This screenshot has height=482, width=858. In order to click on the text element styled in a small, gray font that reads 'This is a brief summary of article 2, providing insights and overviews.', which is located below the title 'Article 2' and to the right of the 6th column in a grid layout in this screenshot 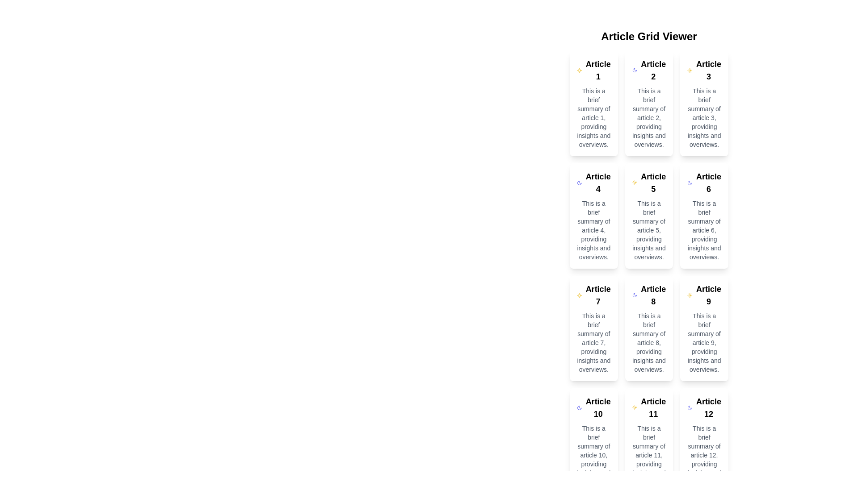, I will do `click(649, 117)`.